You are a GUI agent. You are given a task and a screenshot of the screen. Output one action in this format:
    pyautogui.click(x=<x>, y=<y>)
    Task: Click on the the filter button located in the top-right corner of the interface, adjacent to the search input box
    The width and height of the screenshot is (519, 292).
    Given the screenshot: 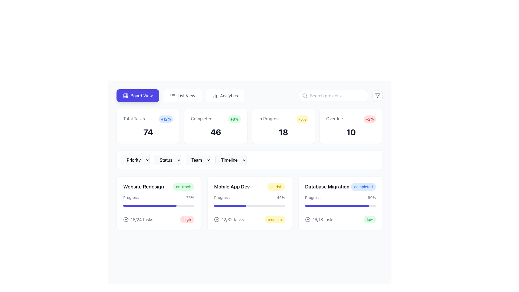 What is the action you would take?
    pyautogui.click(x=341, y=95)
    